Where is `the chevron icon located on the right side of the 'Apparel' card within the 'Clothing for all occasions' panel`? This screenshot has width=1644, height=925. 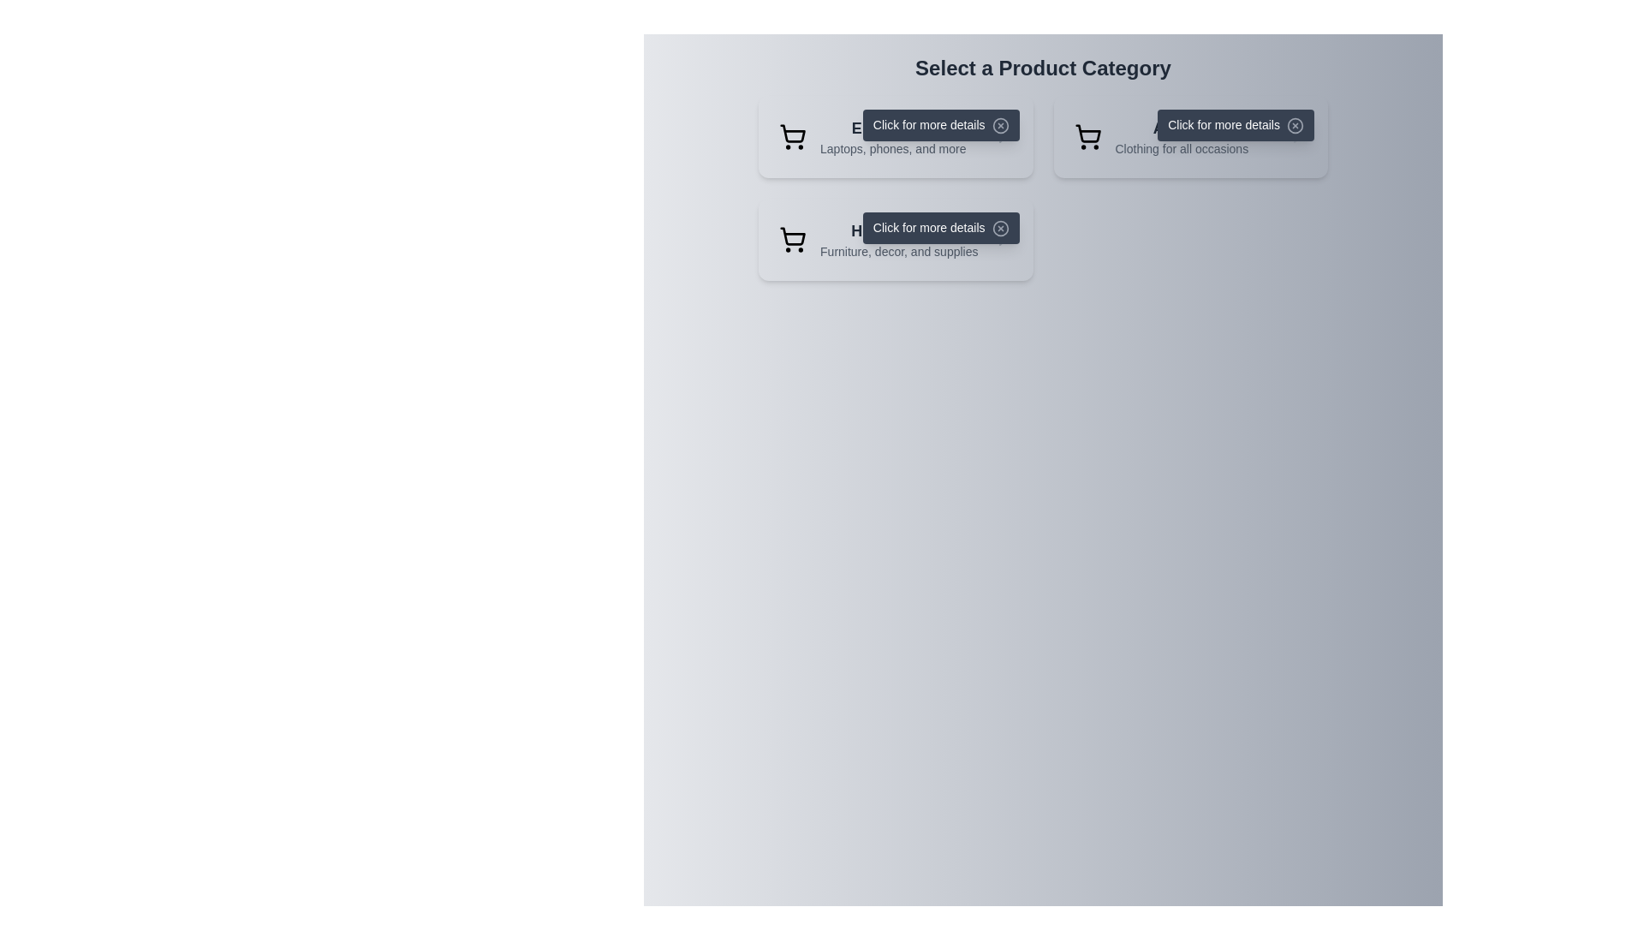 the chevron icon located on the right side of the 'Apparel' card within the 'Clothing for all occasions' panel is located at coordinates (1296, 135).